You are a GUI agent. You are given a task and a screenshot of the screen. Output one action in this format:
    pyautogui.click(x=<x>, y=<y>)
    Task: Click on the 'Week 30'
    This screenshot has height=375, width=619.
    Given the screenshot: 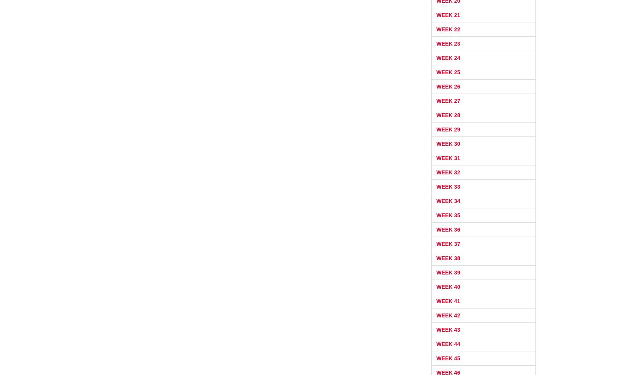 What is the action you would take?
    pyautogui.click(x=448, y=143)
    